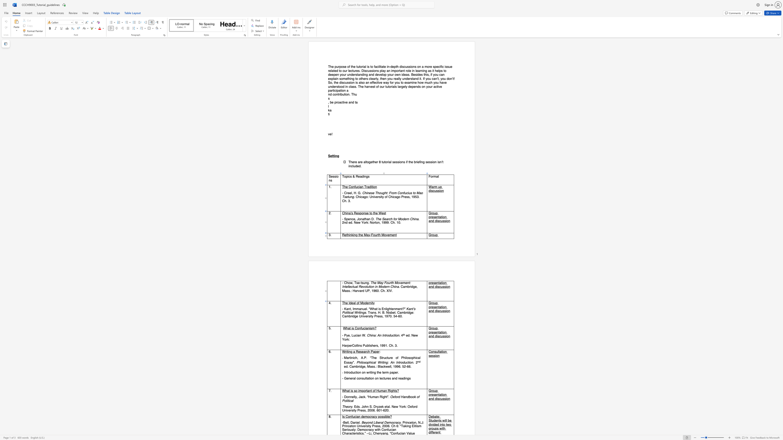  Describe the element at coordinates (434, 283) in the screenshot. I see `the 1th character "s" in the text` at that location.